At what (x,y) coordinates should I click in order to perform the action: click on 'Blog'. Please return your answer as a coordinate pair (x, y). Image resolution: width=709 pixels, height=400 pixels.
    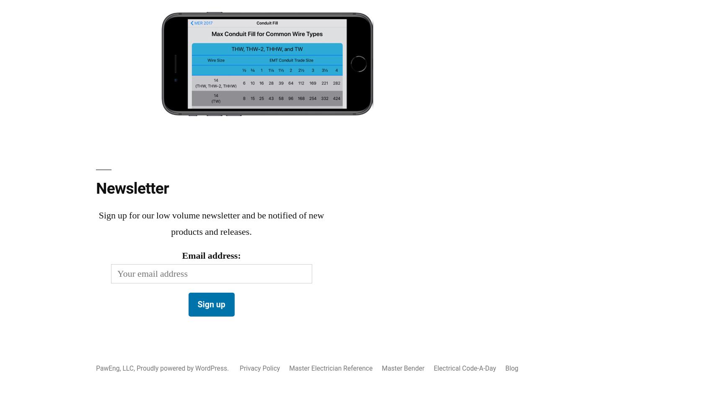
    Looking at the image, I should click on (511, 368).